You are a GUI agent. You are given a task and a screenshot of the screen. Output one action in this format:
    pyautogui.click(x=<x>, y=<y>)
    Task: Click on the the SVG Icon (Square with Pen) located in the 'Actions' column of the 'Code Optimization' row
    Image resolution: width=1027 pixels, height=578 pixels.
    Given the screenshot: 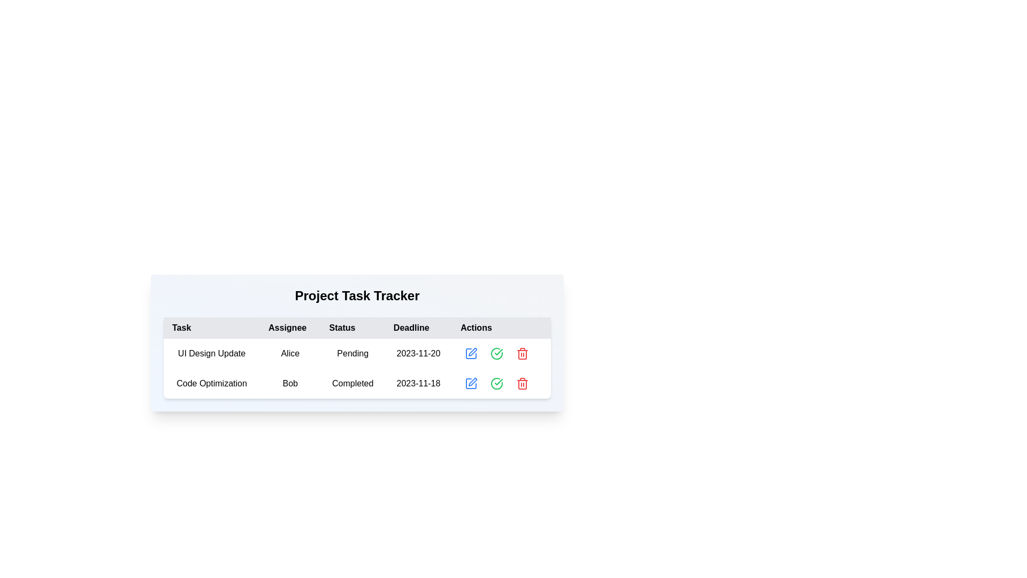 What is the action you would take?
    pyautogui.click(x=471, y=383)
    